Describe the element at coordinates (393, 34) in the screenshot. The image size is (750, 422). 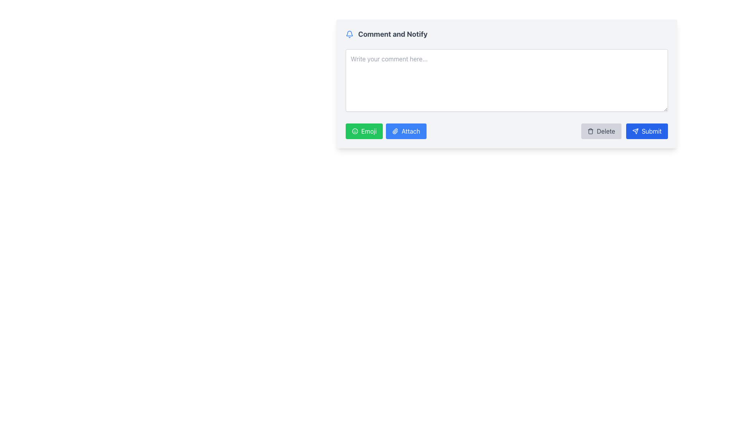
I see `the Text Label reading 'Comment and Notify', which is bold, medium-sized, and dark gray, located in the upper section of the comment interface` at that location.